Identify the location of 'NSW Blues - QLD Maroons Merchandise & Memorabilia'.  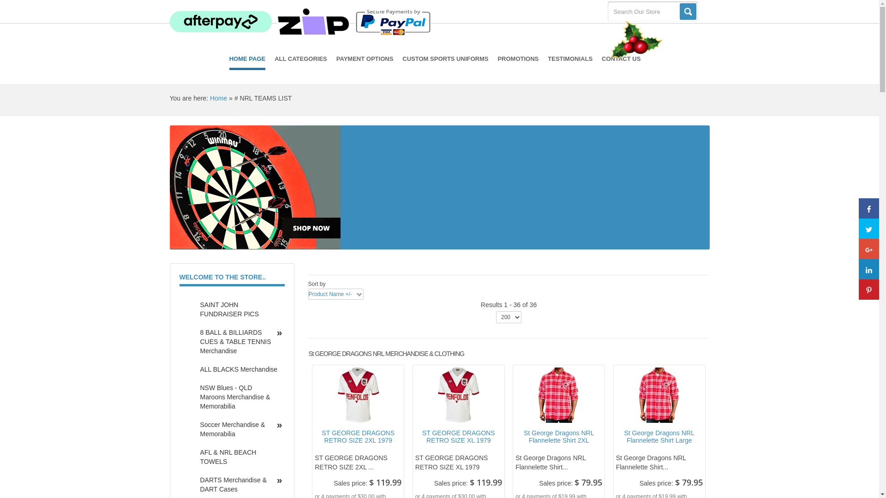
(239, 396).